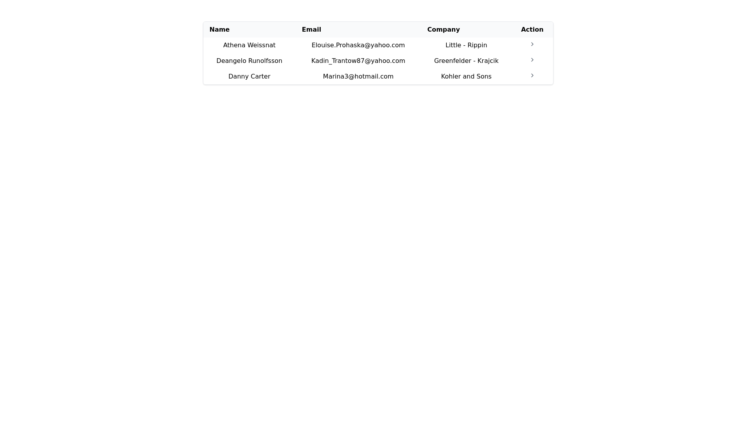  I want to click on the second row of the table, which contains the cells with the text values 'Deangelo Runolfsson', 'Kadin_Trantow87@yahoo.com', 'Greenfelder - Krajcik', and a clickable arrow icon, so click(378, 60).